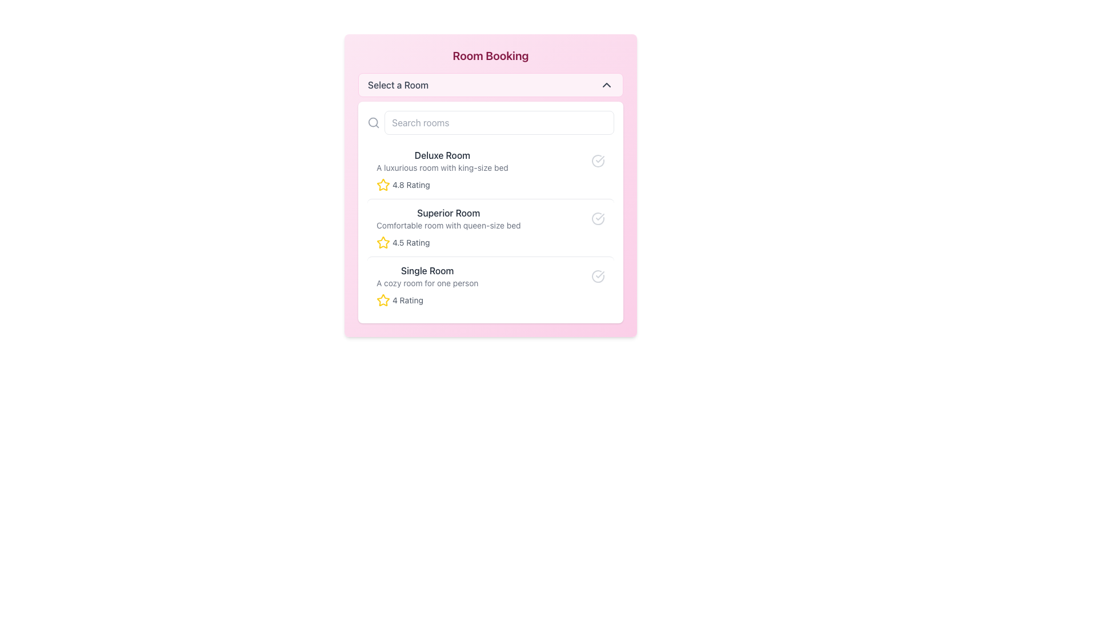 The width and height of the screenshot is (1097, 617). I want to click on the List Item titled 'Superior Room' which contains the subtitle 'Comfortable room with queen-size bed' and is styled with a bold title and a checkmark icon to view options, so click(491, 218).